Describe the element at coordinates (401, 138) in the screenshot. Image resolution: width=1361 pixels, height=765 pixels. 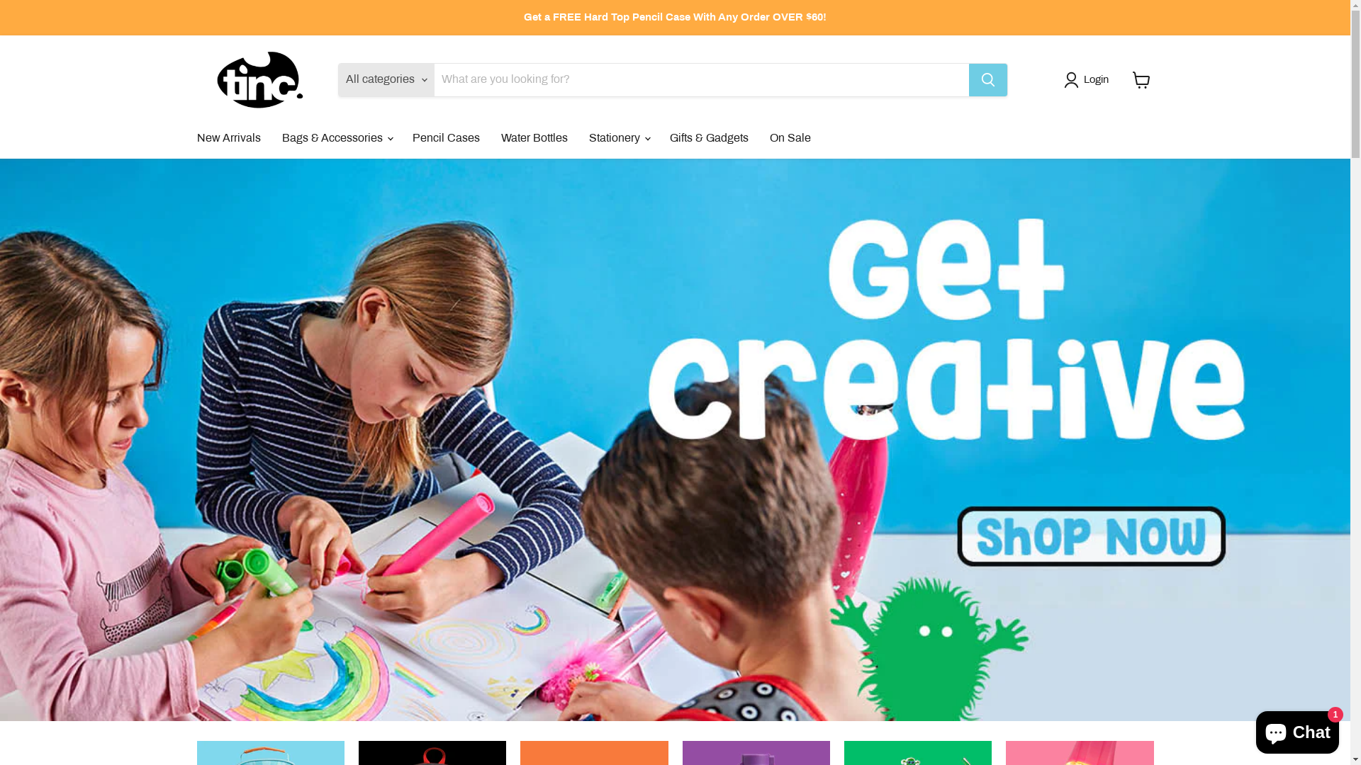
I see `'Pencil Cases'` at that location.